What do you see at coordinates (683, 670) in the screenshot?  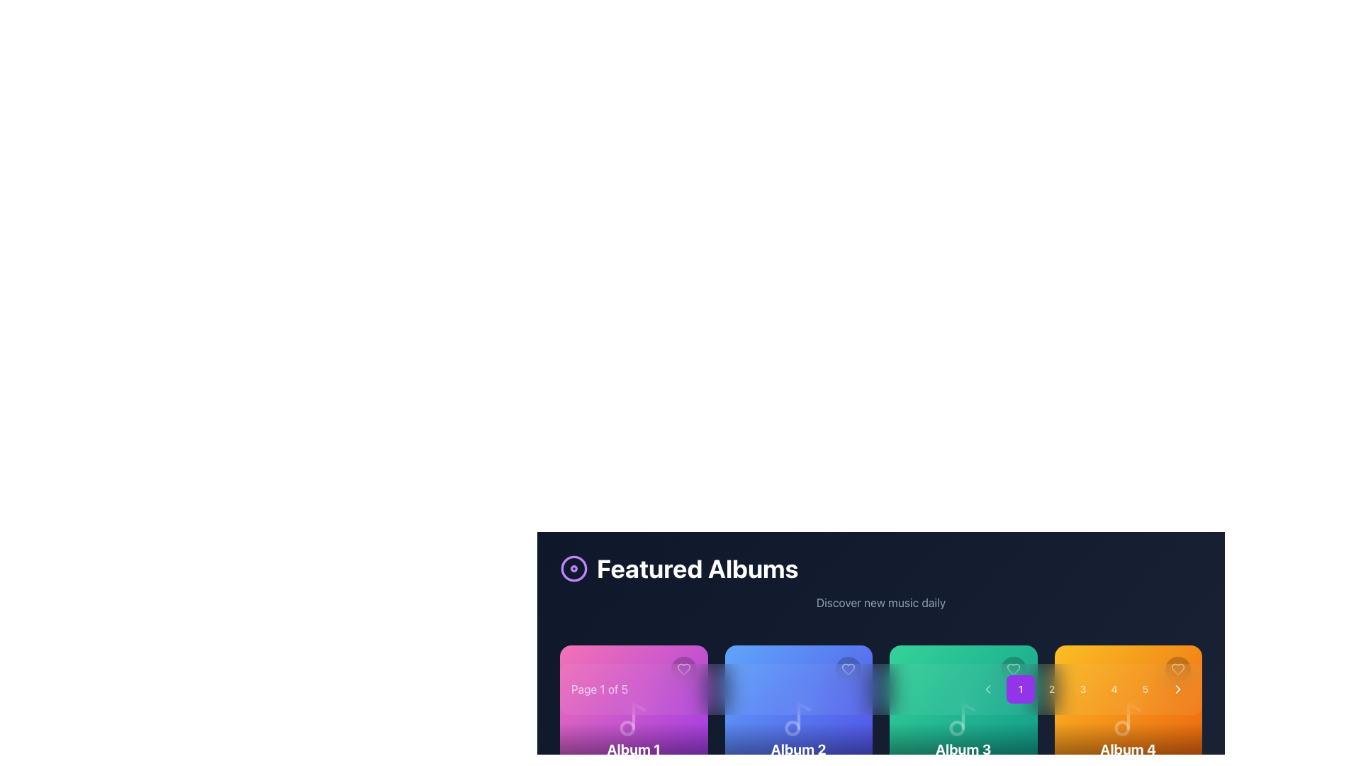 I see `the heart icon located in the top-right corner of the 'Album 1' pink album card` at bounding box center [683, 670].